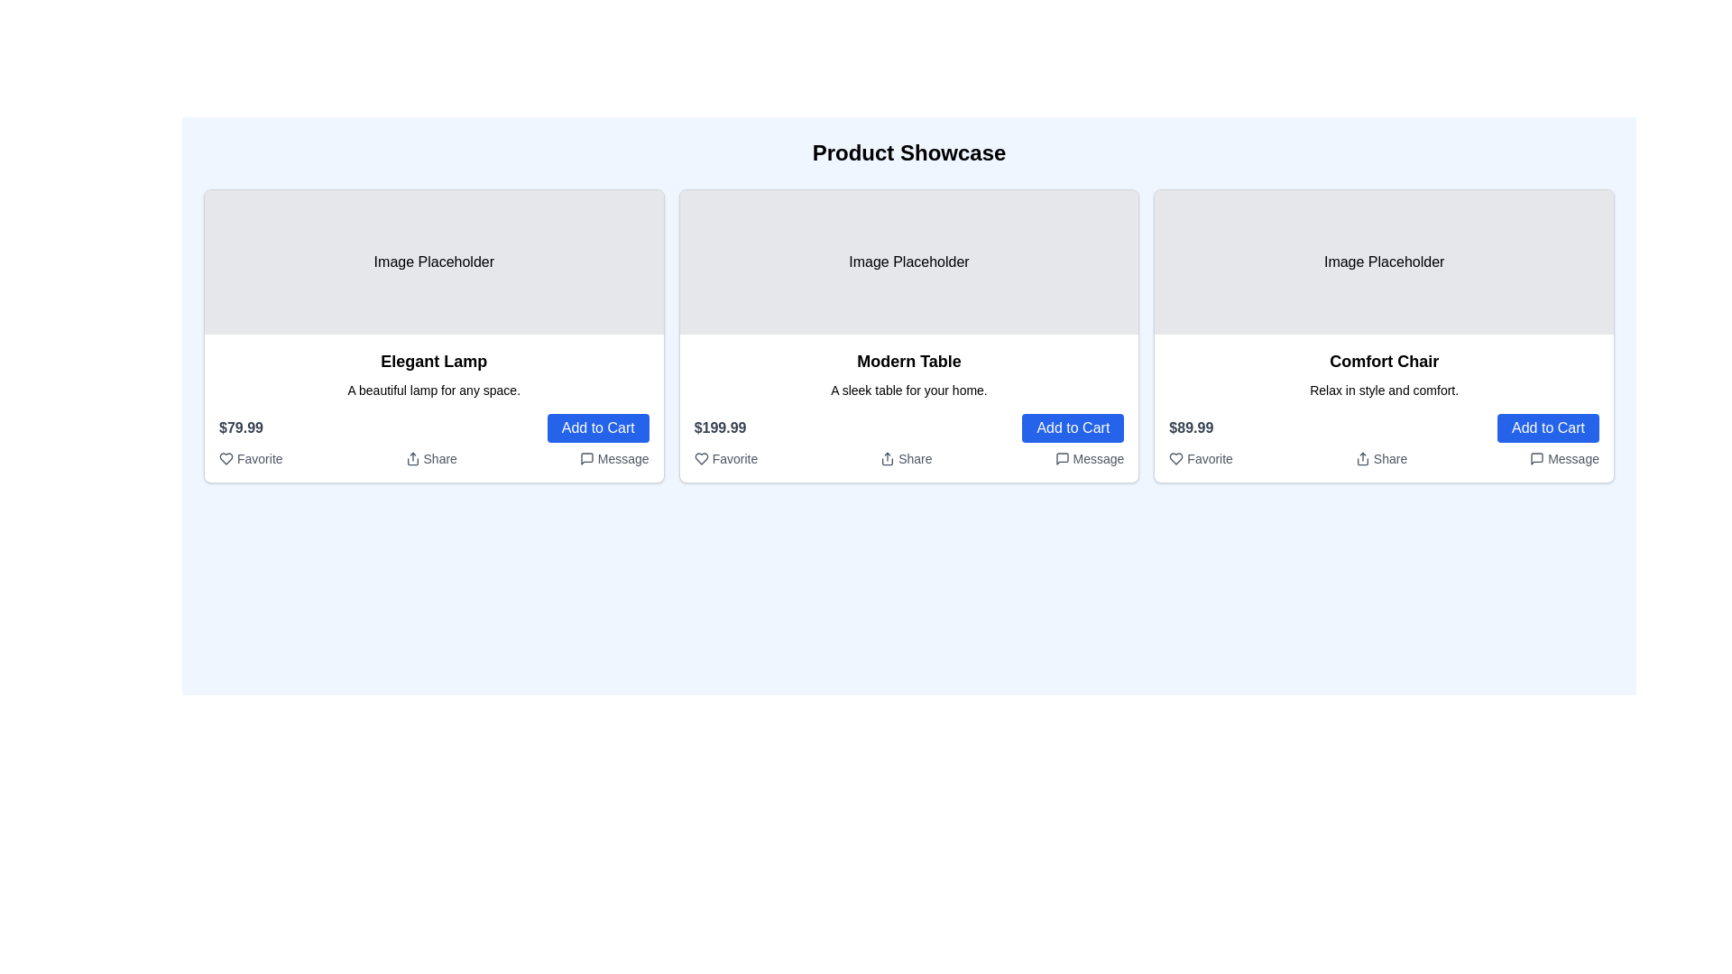  Describe the element at coordinates (1563, 458) in the screenshot. I see `the button to send a message or inquire about the product related to the 'Comfort Chair' card, positioned as the last interactive button in the card's footer` at that location.